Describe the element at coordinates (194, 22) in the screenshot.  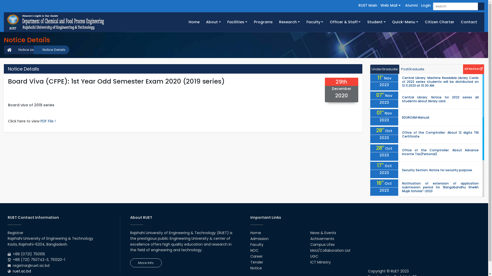
I see `'Home` at that location.